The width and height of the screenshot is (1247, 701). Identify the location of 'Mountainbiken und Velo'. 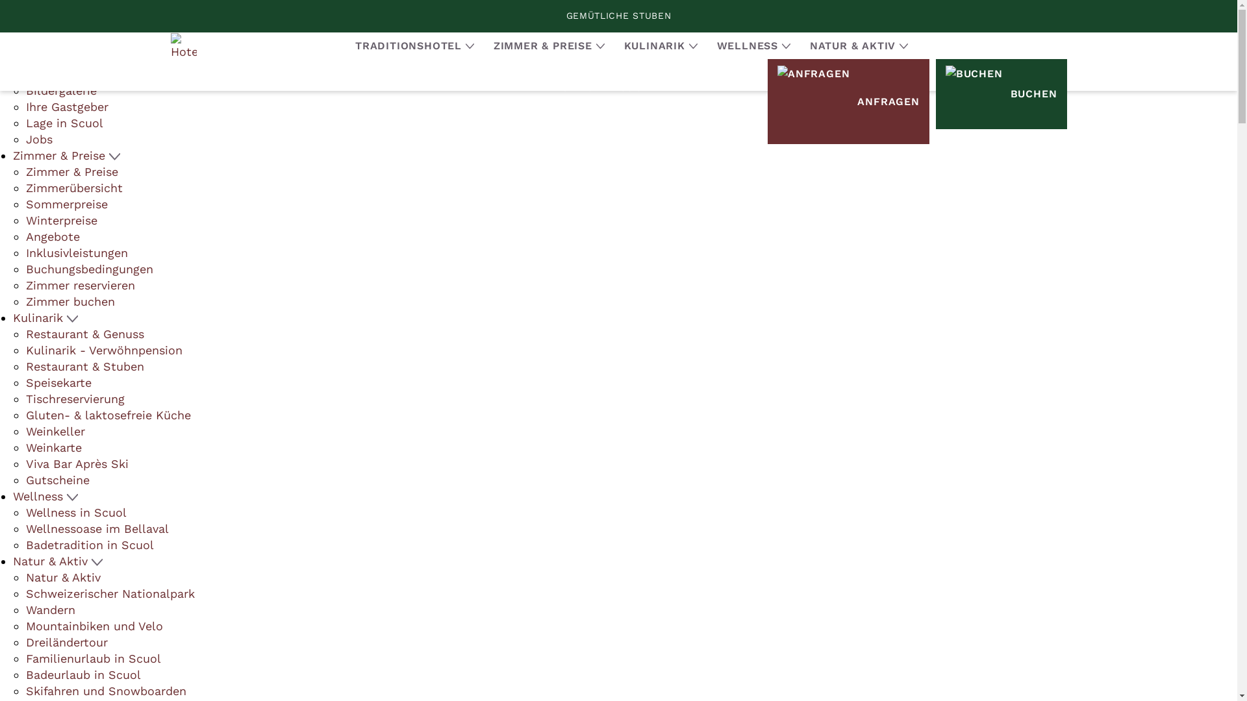
(94, 625).